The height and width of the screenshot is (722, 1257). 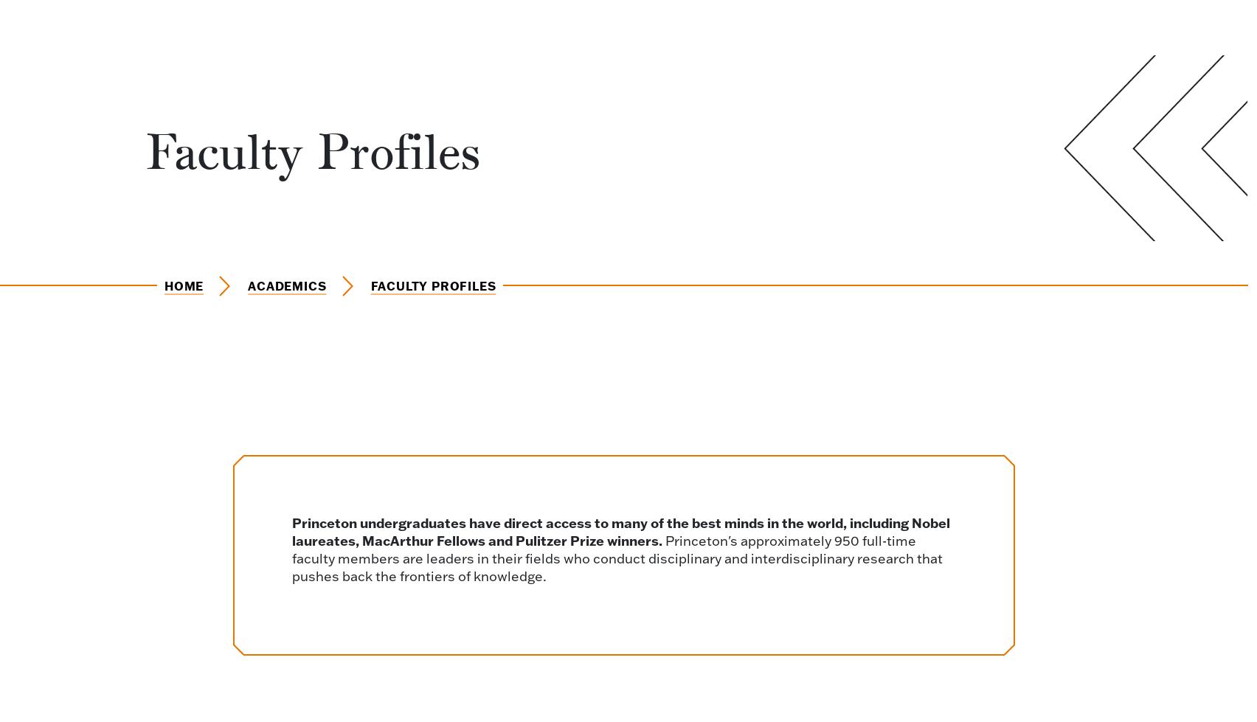 What do you see at coordinates (243, 552) in the screenshot?
I see `'Daniel Rubenstein'` at bounding box center [243, 552].